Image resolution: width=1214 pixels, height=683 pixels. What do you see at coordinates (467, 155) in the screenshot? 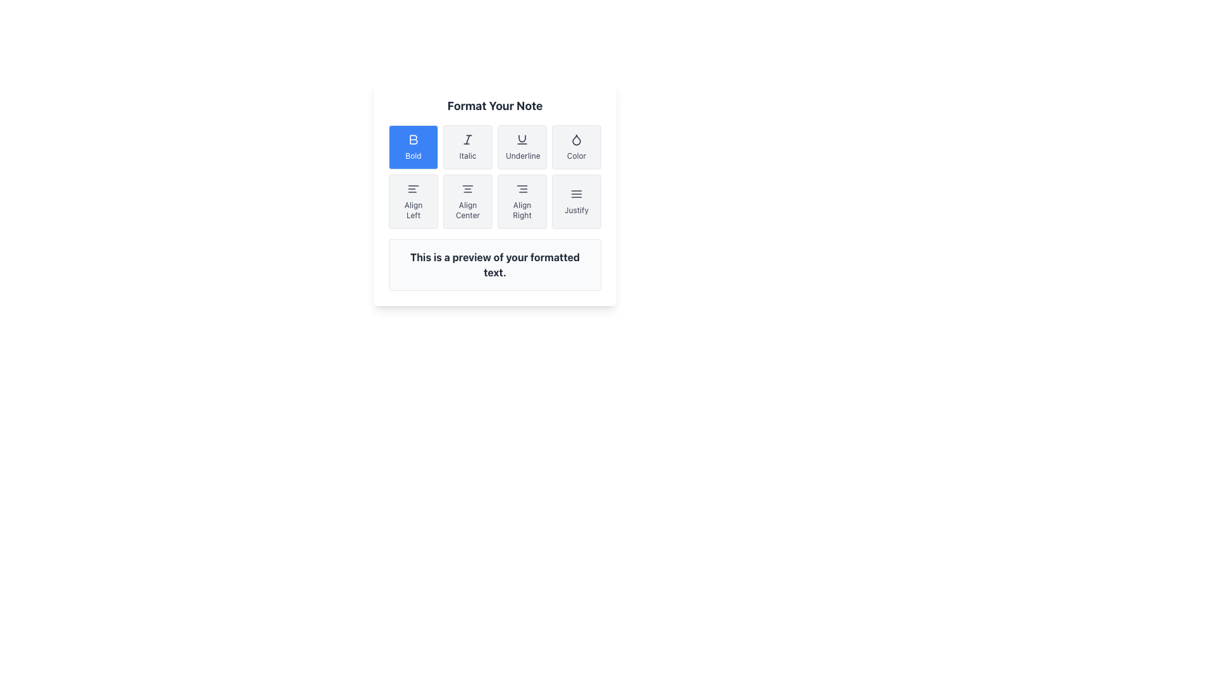
I see `text label that indicates the functionality of the italic formatting button, located below the italic icon in the formatting section` at bounding box center [467, 155].